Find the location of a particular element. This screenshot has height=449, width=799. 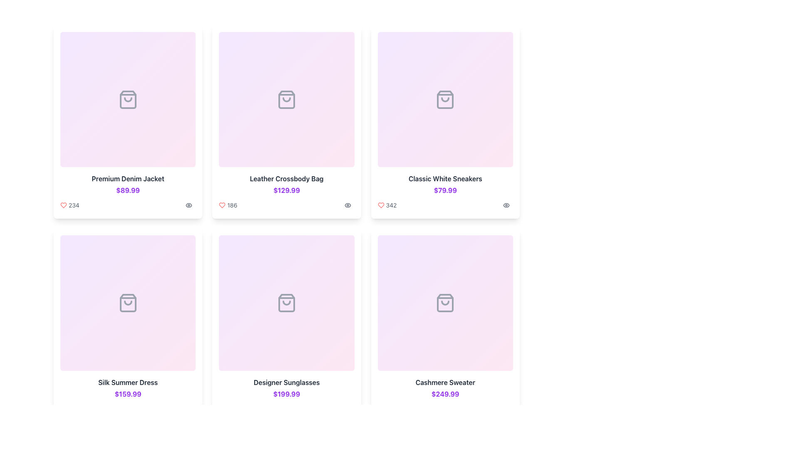

the heart-shaped red icon located in the bottom-left corner of the product card for the 'Leather Crossbody Bag' to like or favorite the item is located at coordinates (222, 205).